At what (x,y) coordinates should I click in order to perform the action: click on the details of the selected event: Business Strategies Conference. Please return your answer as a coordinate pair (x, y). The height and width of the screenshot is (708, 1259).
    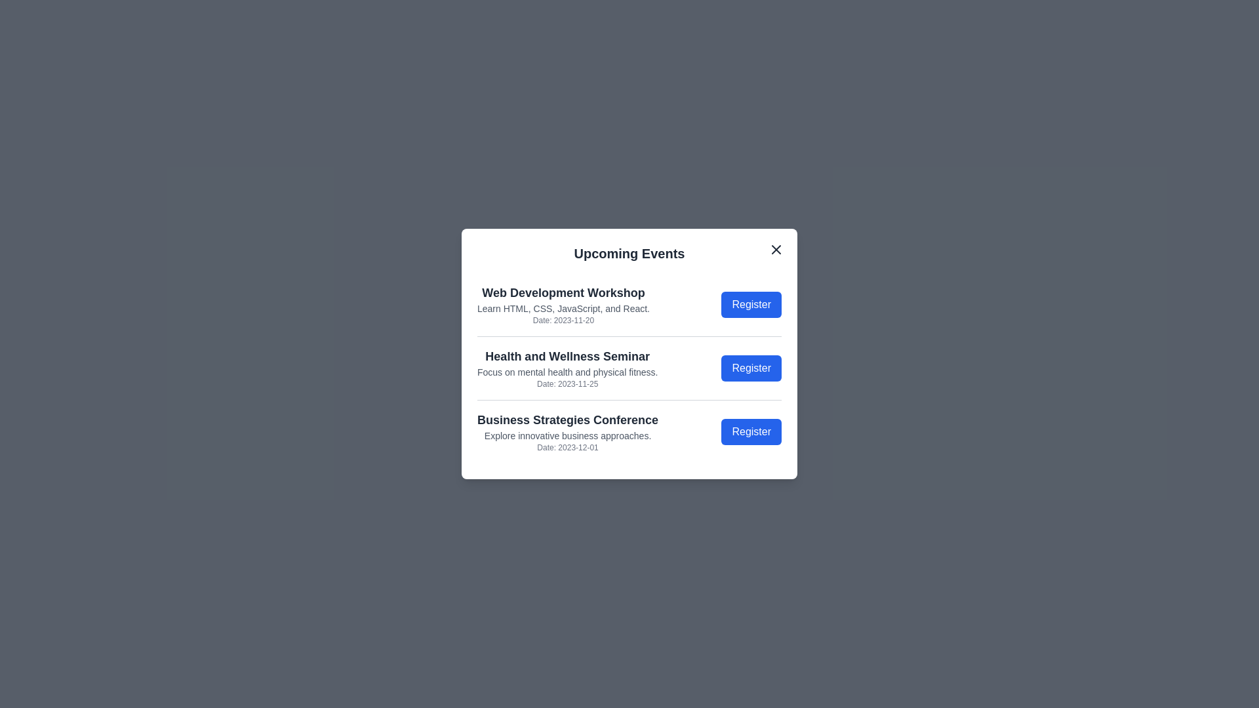
    Looking at the image, I should click on (568, 432).